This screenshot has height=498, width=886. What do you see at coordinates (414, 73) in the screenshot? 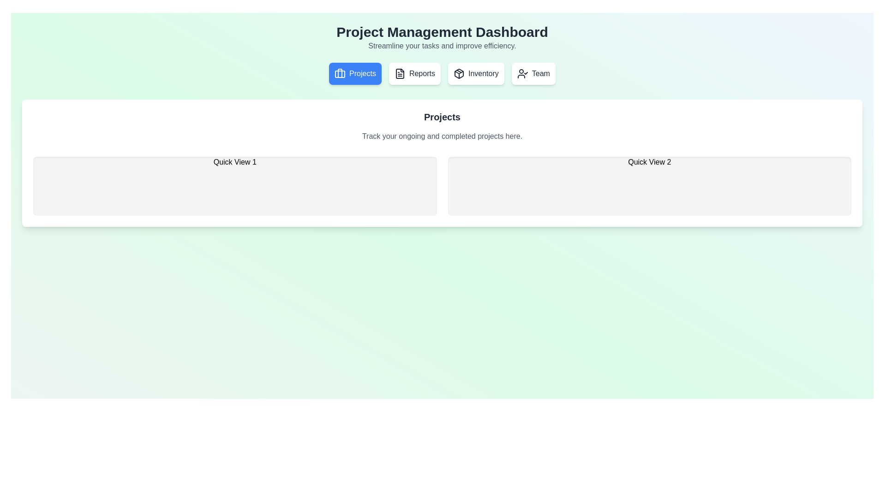
I see `the 'Reports' button, which is the second button in the navigation group located between the 'Projects' button and the 'Inventory' button` at bounding box center [414, 73].